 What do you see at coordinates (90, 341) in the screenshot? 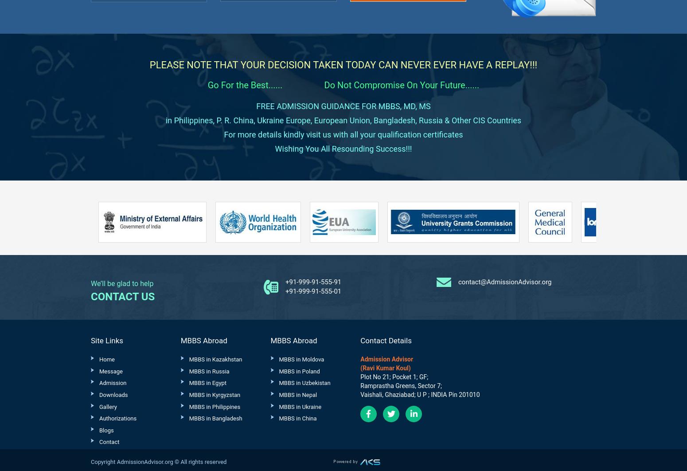
I see `'Site Links'` at bounding box center [90, 341].